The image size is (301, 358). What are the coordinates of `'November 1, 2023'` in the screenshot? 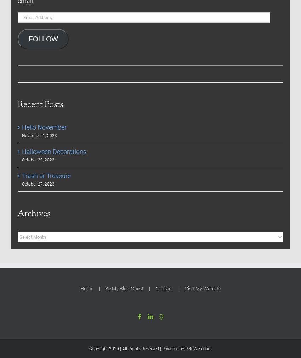 It's located at (22, 135).